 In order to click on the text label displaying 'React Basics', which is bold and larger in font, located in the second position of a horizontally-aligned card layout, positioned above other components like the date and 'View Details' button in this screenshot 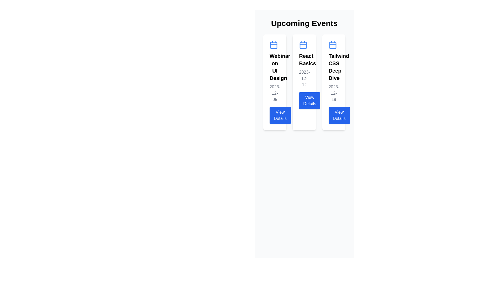, I will do `click(304, 59)`.